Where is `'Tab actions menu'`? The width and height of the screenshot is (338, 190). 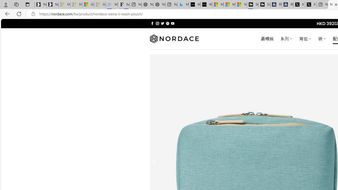
'Tab actions menu' is located at coordinates (27, 4).